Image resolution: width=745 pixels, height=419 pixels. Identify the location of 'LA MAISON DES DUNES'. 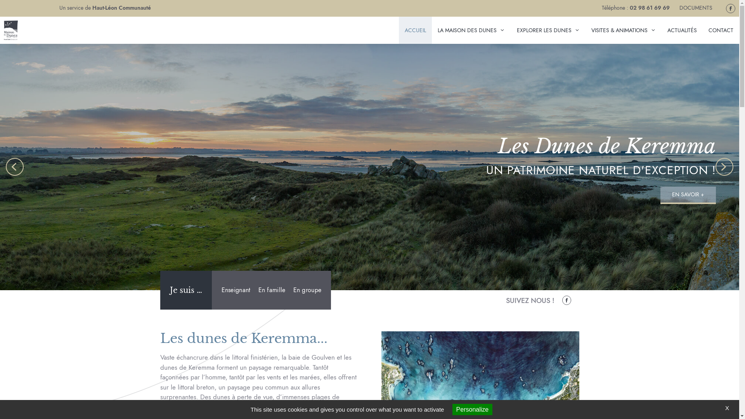
(471, 29).